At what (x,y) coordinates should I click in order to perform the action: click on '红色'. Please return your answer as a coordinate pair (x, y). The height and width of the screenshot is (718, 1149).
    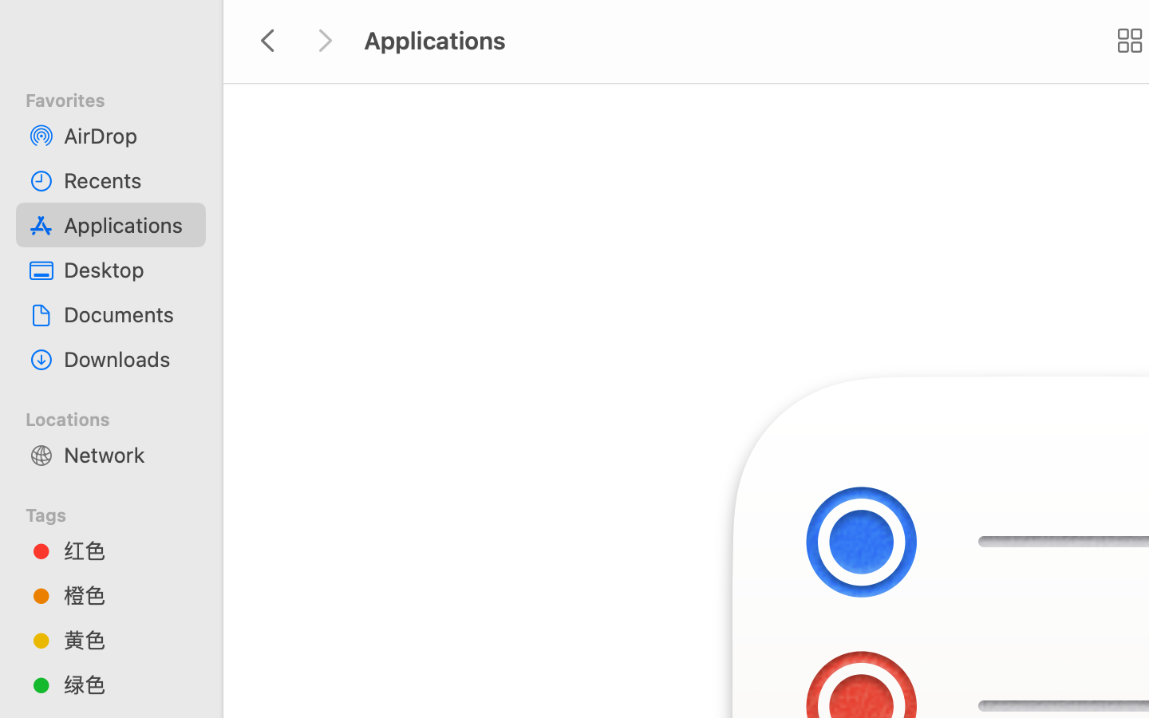
    Looking at the image, I should click on (127, 550).